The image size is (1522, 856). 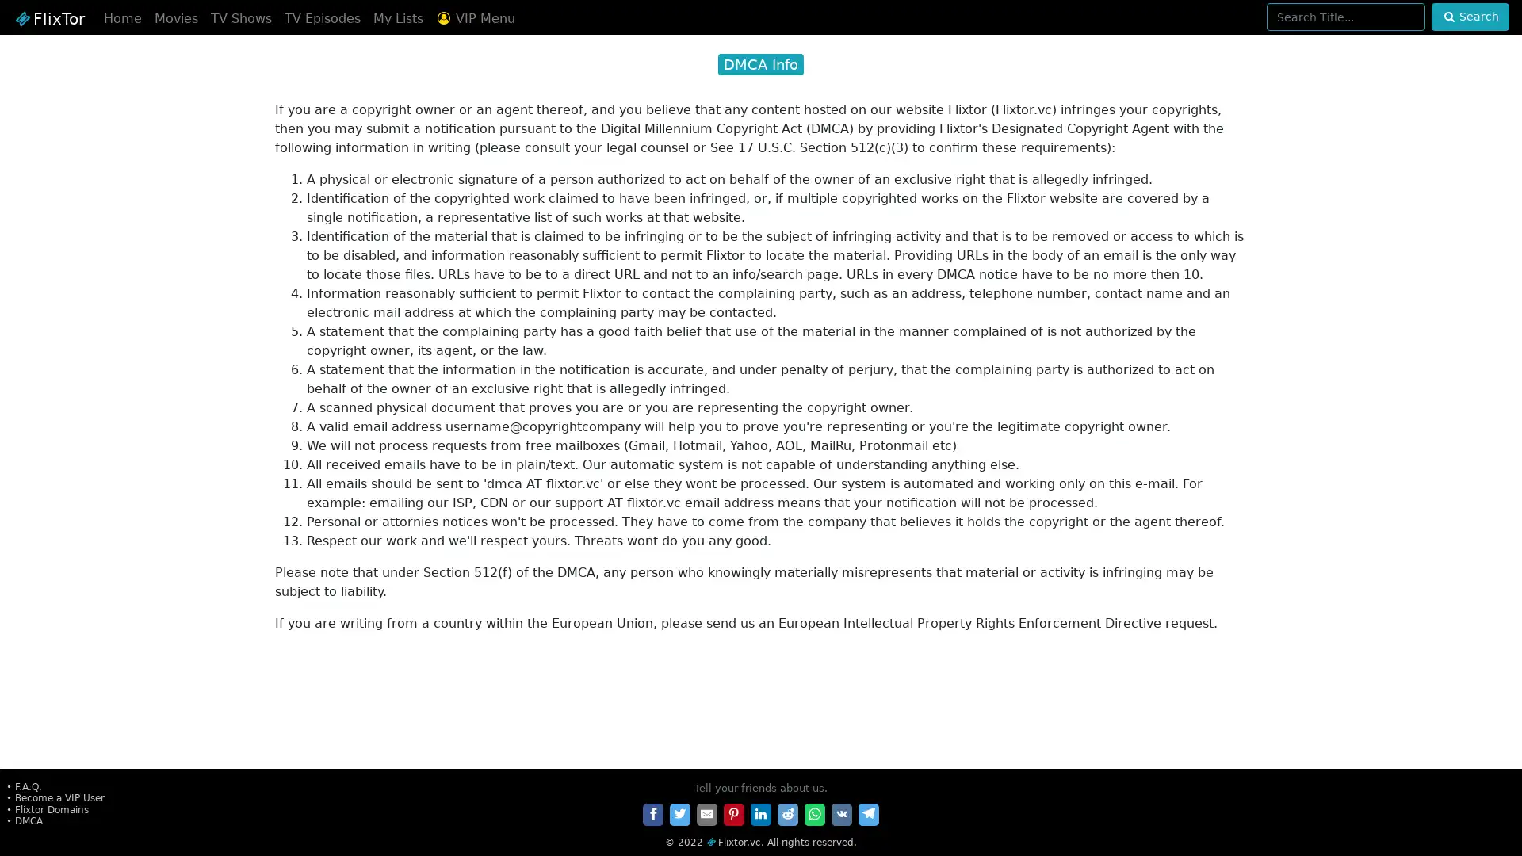 What do you see at coordinates (1469, 17) in the screenshot?
I see `Search` at bounding box center [1469, 17].